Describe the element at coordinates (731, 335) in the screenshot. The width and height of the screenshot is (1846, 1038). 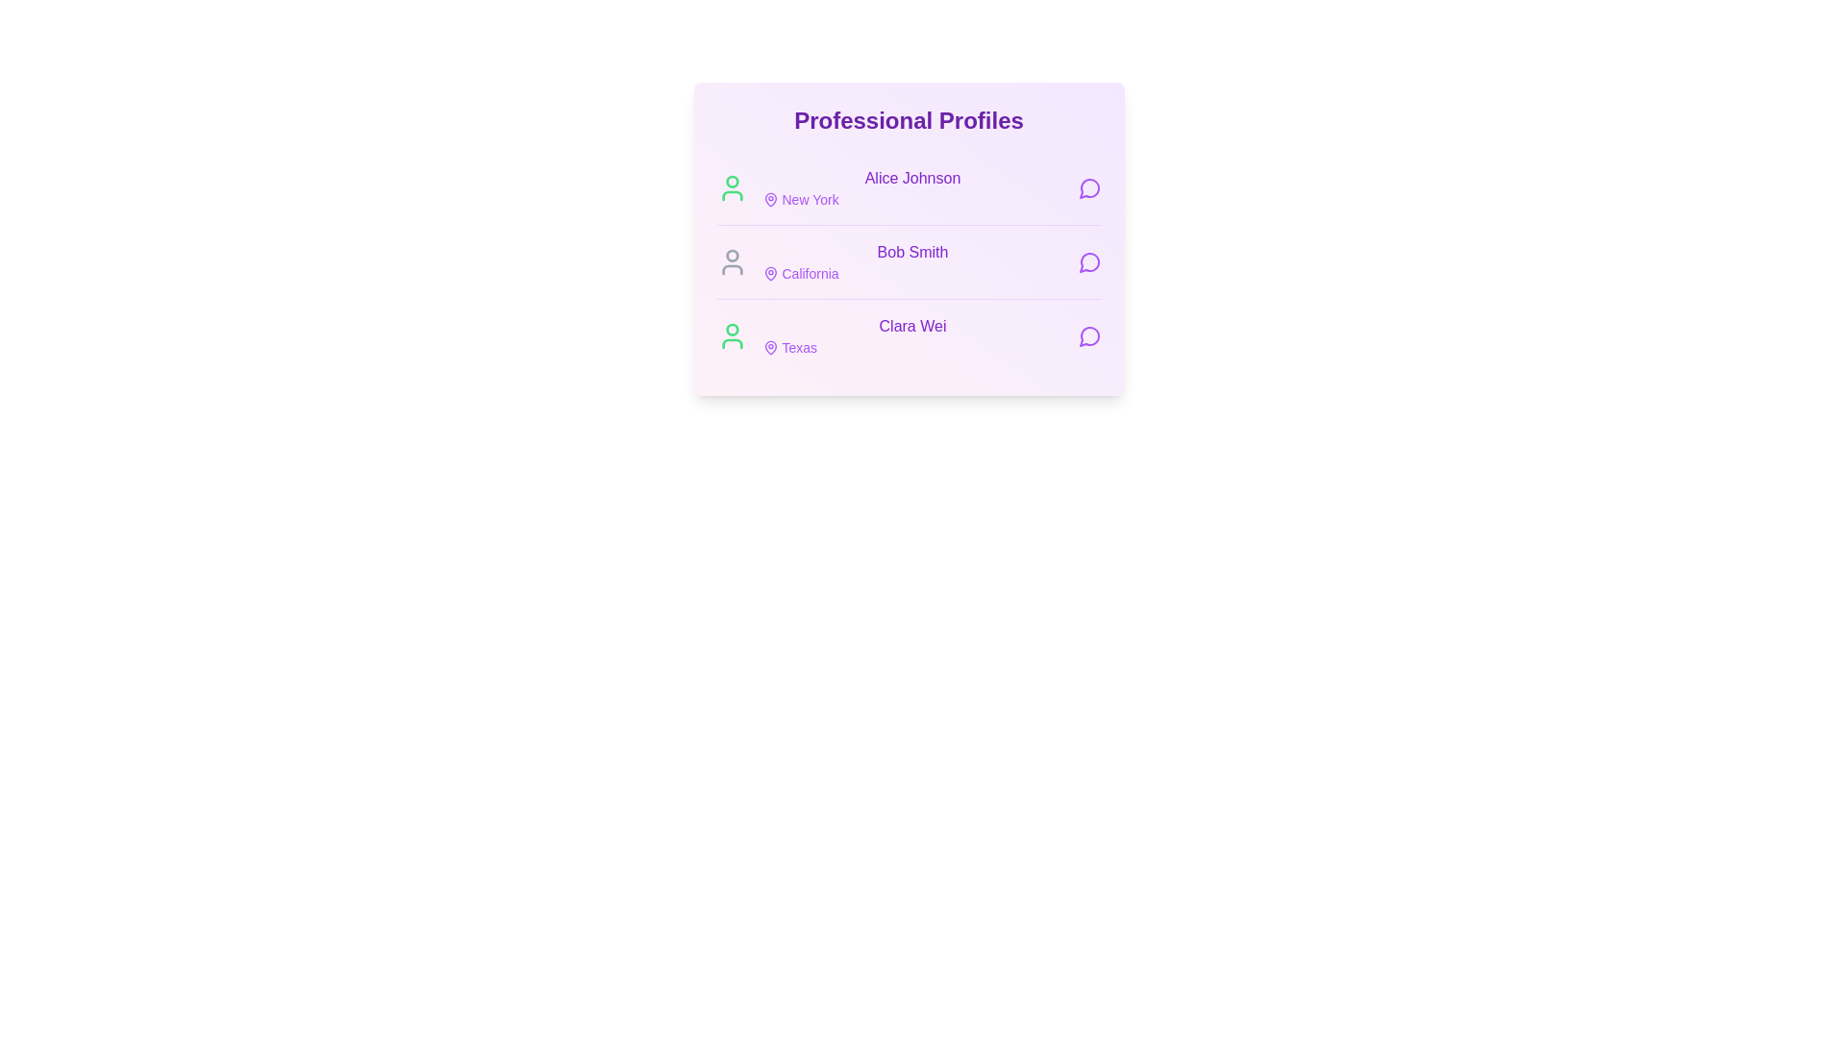
I see `the user icon corresponding to Clara Wei to indicate their online status` at that location.